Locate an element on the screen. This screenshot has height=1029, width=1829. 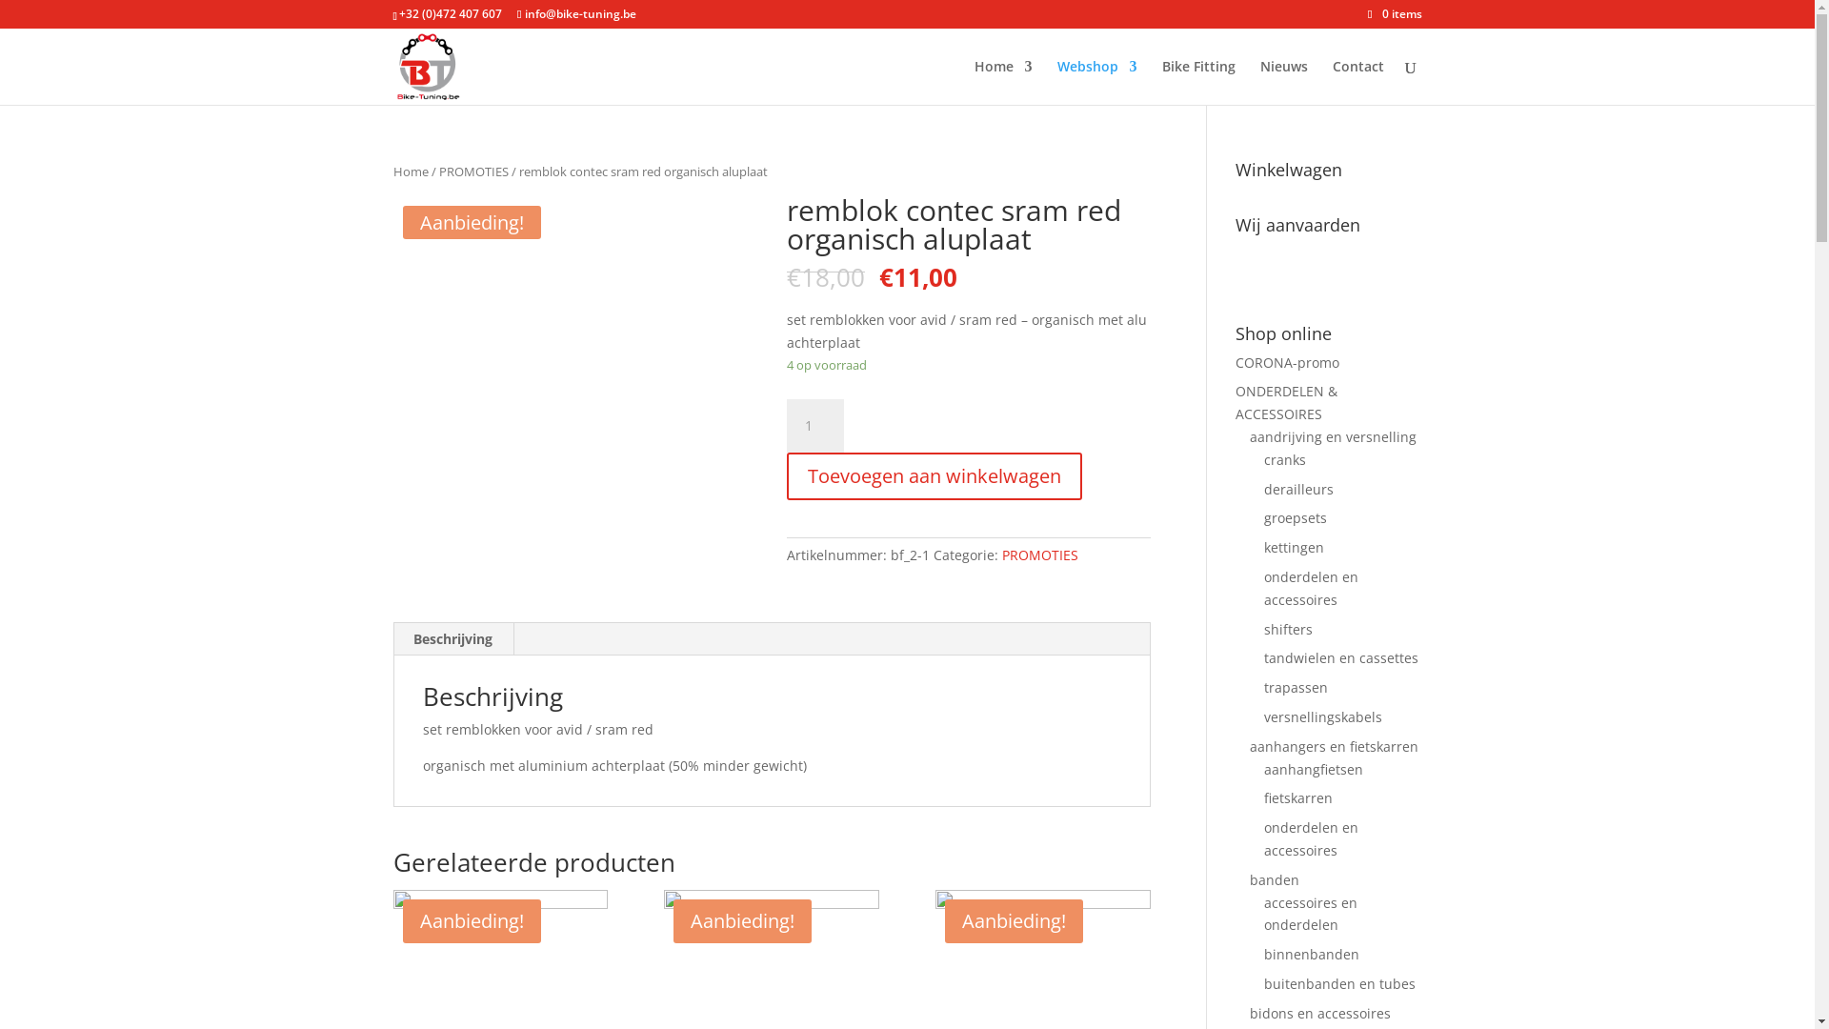
'aandrijving en versnelling' is located at coordinates (1332, 436).